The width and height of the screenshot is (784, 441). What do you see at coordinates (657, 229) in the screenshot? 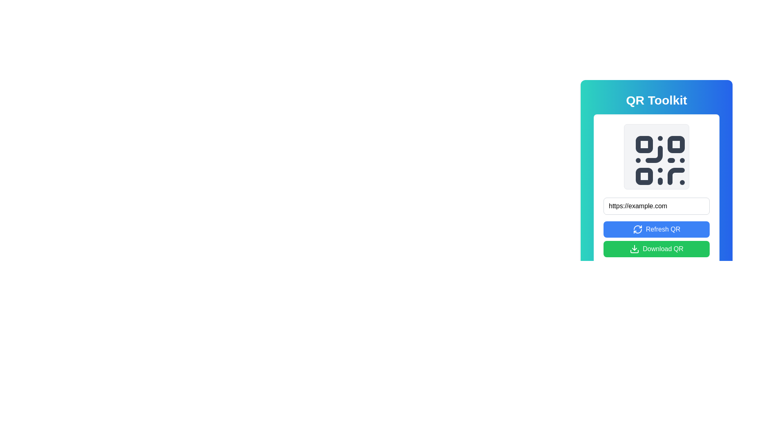
I see `the refresh button located above the 'Download QR' button to regenerate the displayed QR code` at bounding box center [657, 229].